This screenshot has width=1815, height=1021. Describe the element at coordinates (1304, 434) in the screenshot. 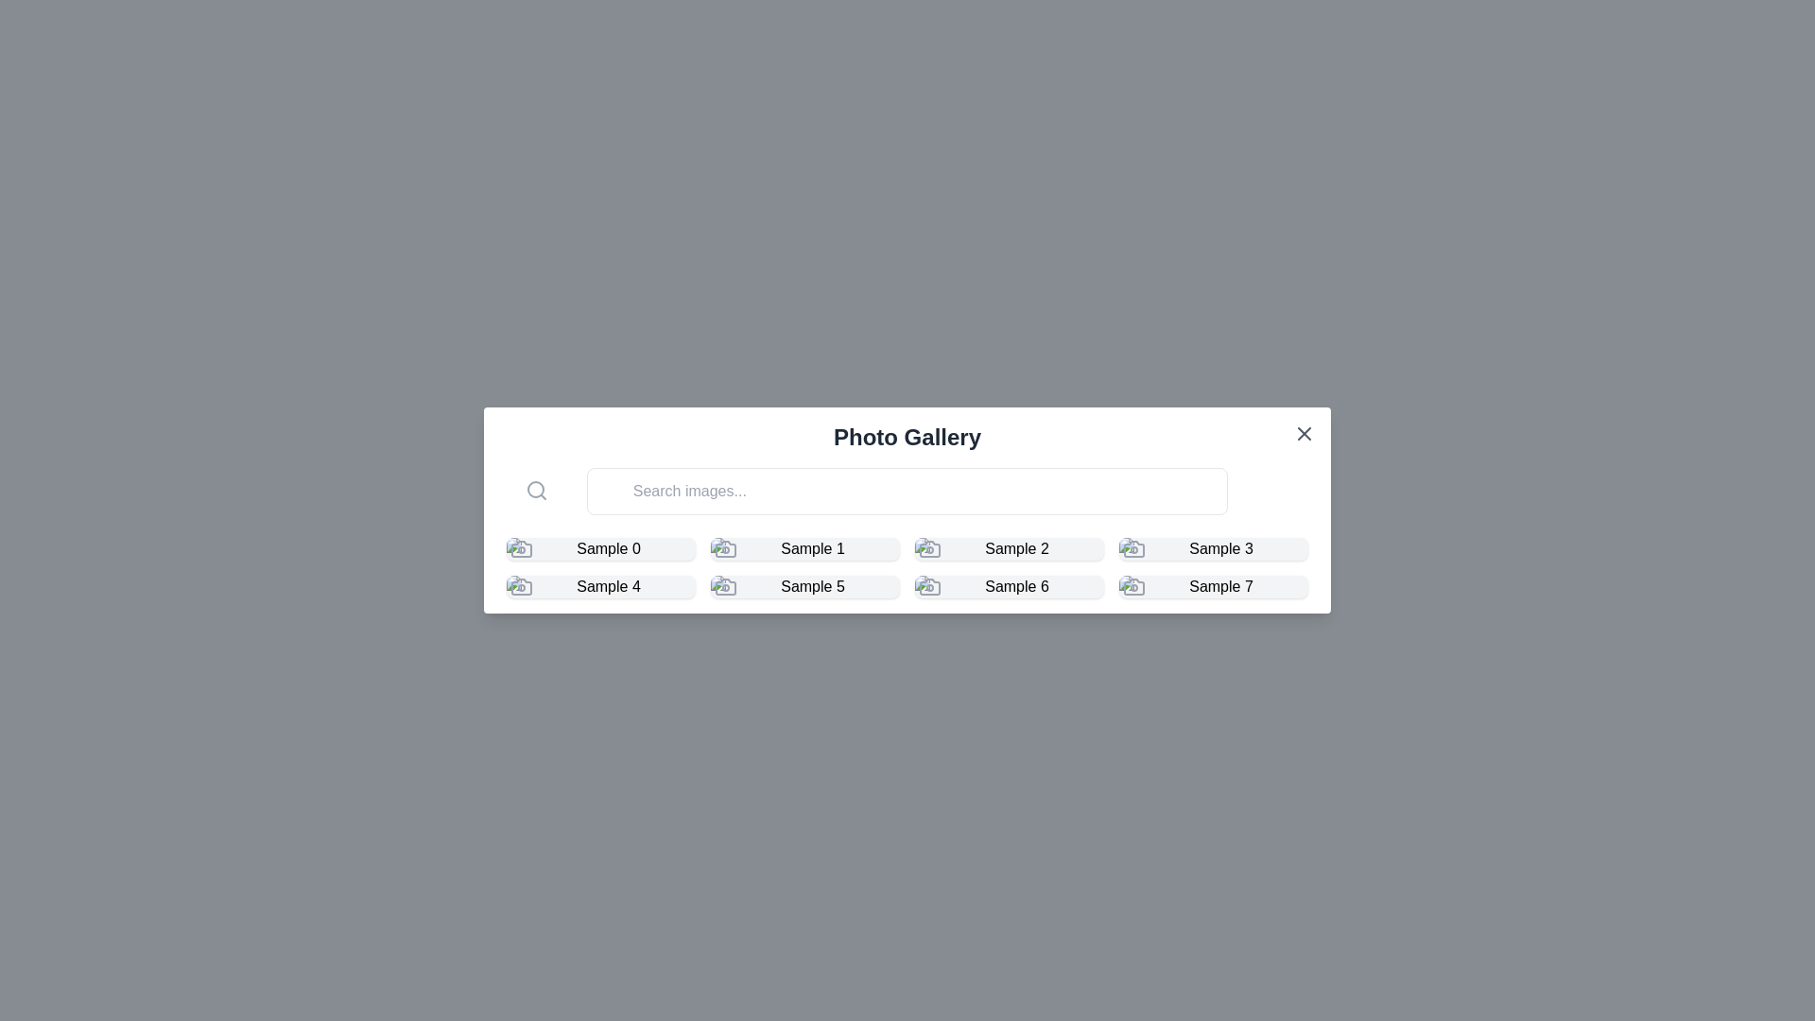

I see `the 'X' icon located at the top-right corner of the header section` at that location.